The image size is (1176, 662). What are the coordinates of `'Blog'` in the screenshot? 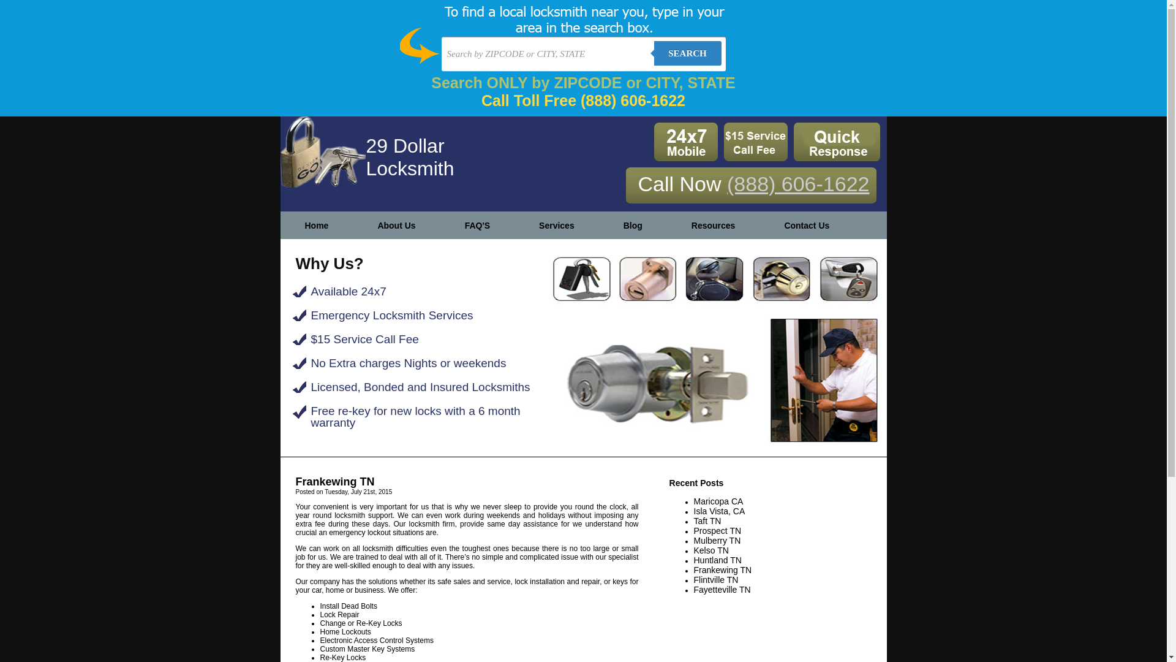 It's located at (633, 225).